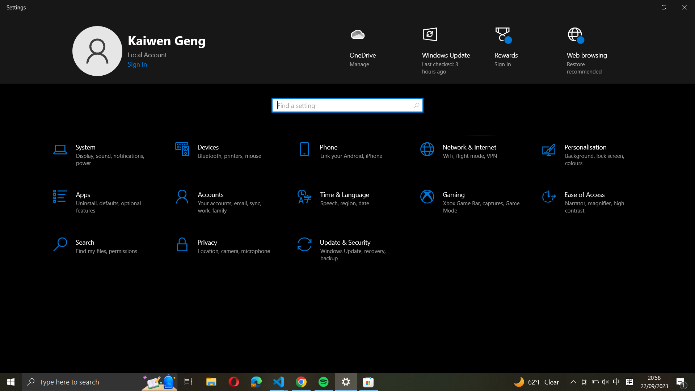 The image size is (695, 391). Describe the element at coordinates (224, 155) in the screenshot. I see `the "Devices" settings` at that location.